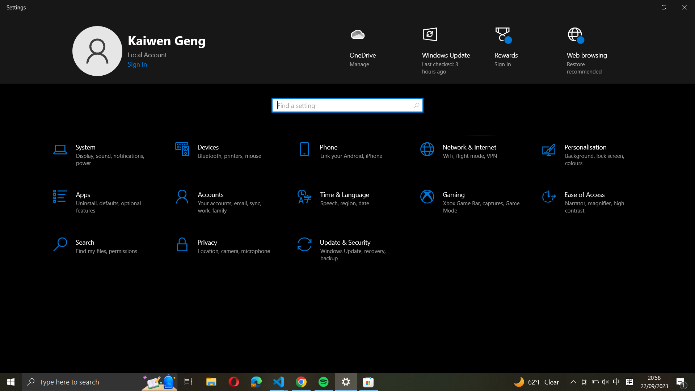 The image size is (695, 391). Describe the element at coordinates (224, 155) in the screenshot. I see `the "Devices" settings` at that location.